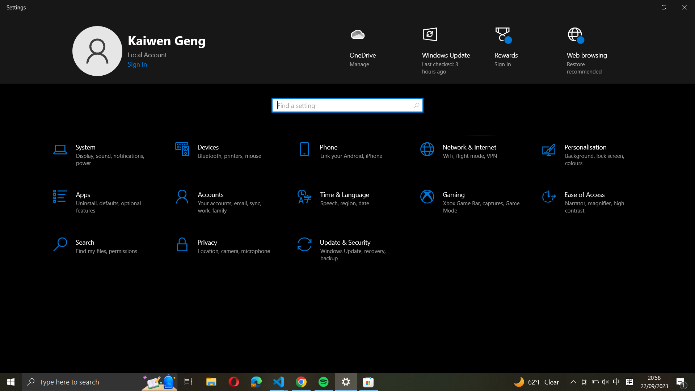 The image size is (695, 391). Describe the element at coordinates (224, 155) in the screenshot. I see `the "Devices" settings` at that location.